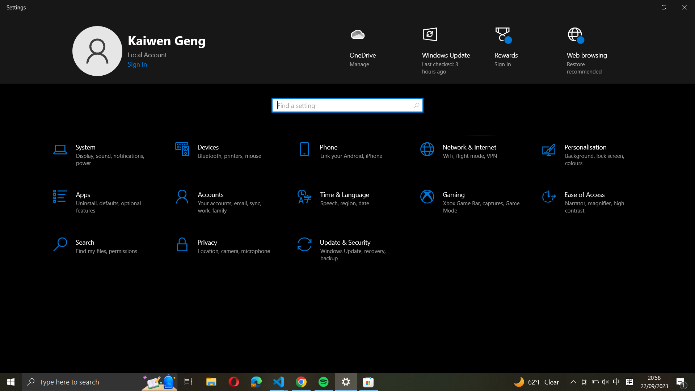 The image size is (695, 391). Describe the element at coordinates (224, 155) in the screenshot. I see `the "Devices" settings` at that location.